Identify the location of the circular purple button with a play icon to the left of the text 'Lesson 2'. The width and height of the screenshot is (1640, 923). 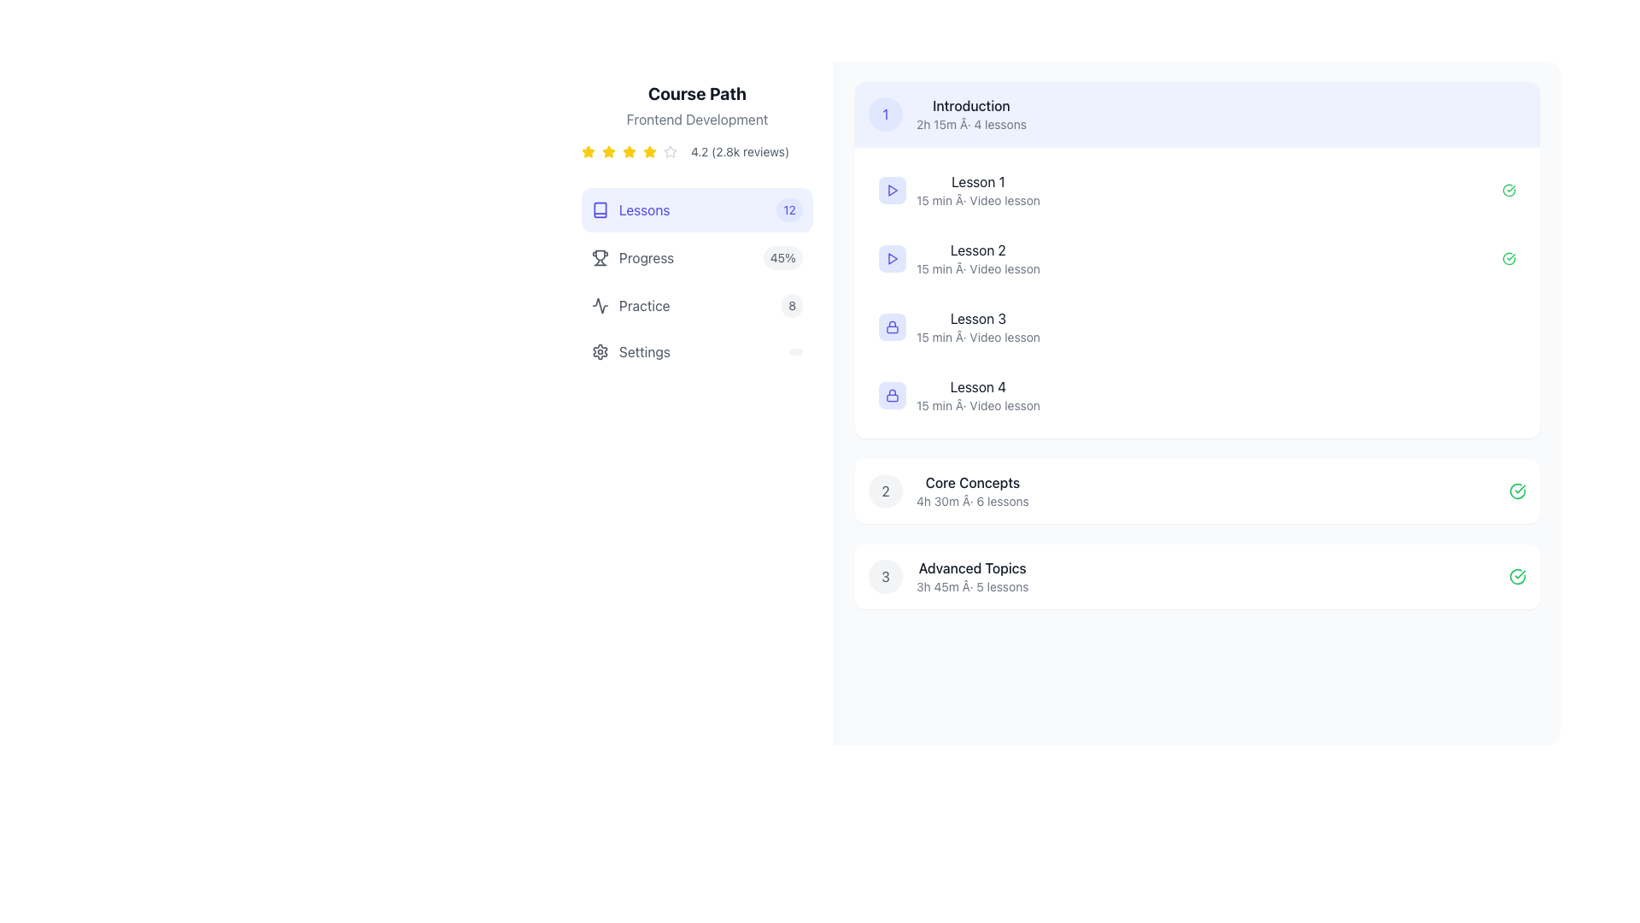
(892, 259).